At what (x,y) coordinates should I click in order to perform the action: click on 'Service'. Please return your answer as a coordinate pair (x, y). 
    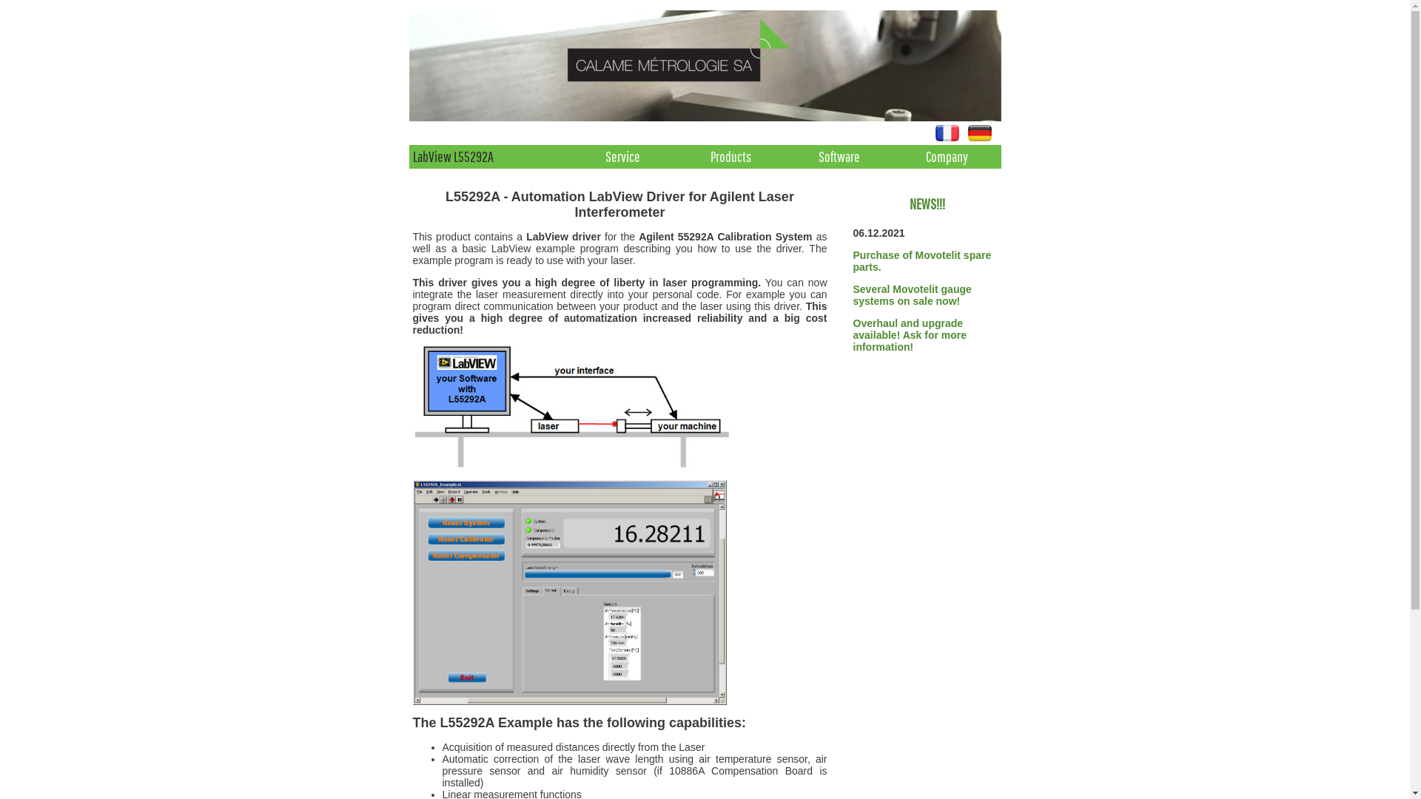
    Looking at the image, I should click on (622, 157).